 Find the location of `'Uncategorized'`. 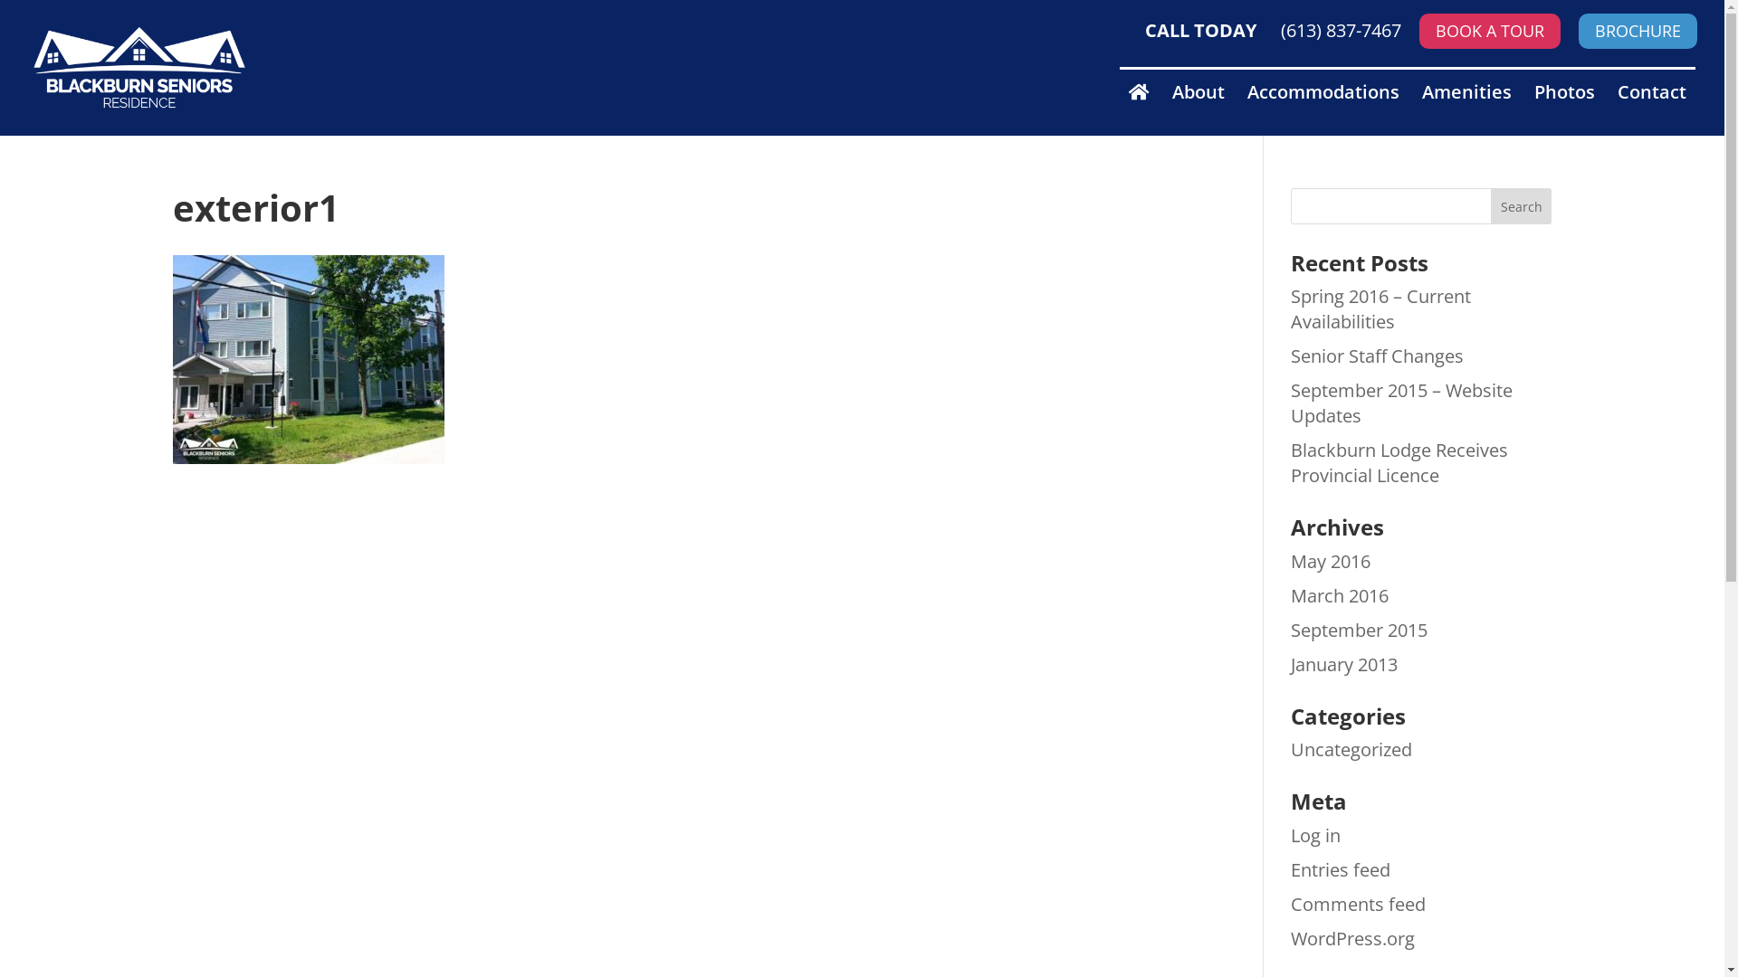

'Uncategorized' is located at coordinates (1351, 749).